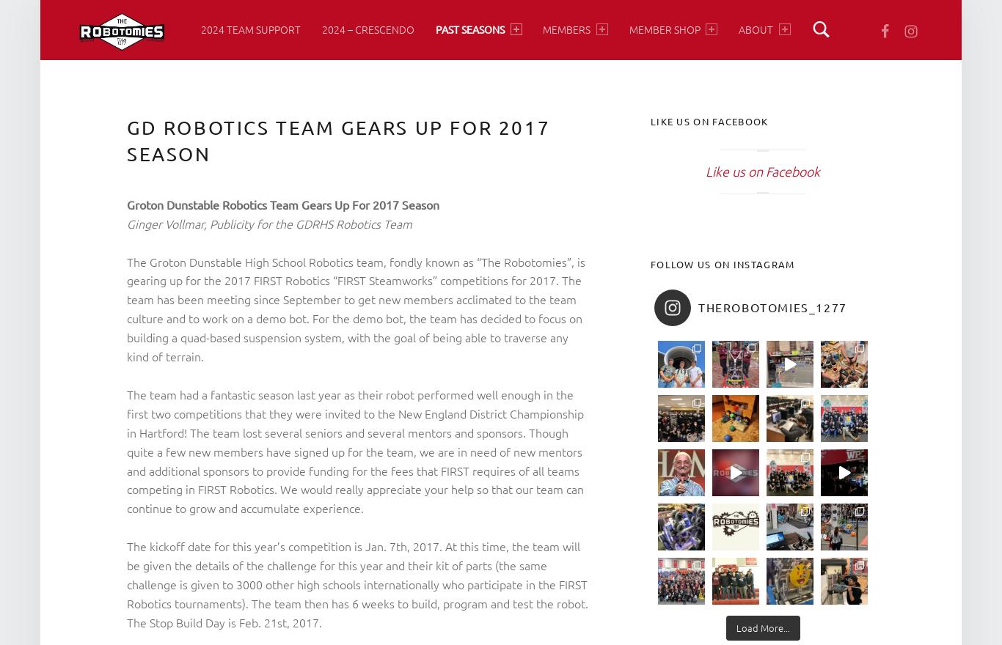 Image resolution: width=1002 pixels, height=645 pixels. I want to click on 'Groton Dunstable Robotics Team Gears Up For 2017 Season', so click(282, 203).